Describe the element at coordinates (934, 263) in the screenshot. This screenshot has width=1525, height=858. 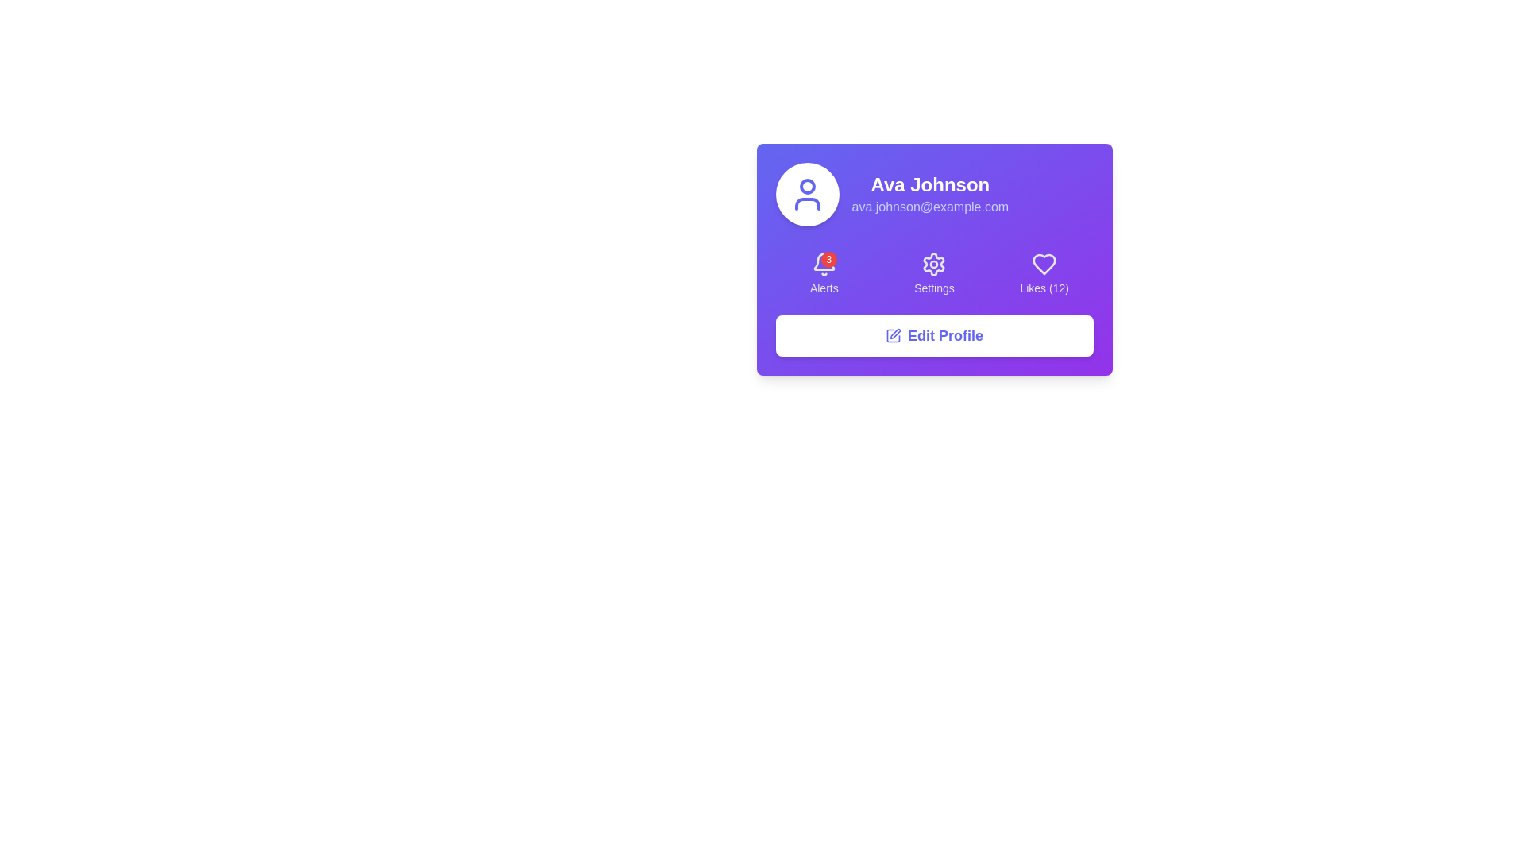
I see `the Gear icon representing the 'Settings' option` at that location.